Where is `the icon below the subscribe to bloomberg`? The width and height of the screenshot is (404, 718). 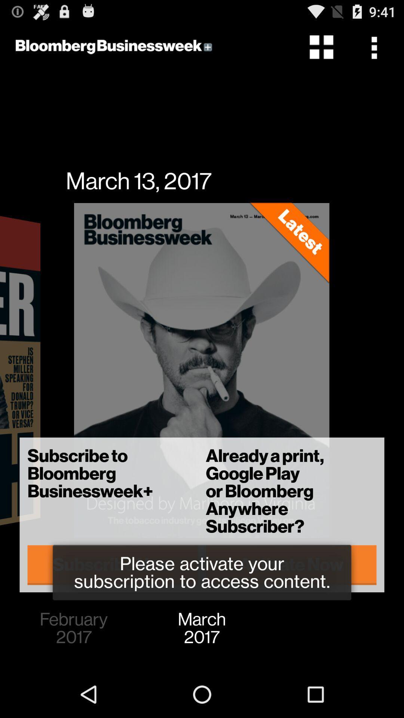 the icon below the subscribe to bloomberg is located at coordinates (113, 565).